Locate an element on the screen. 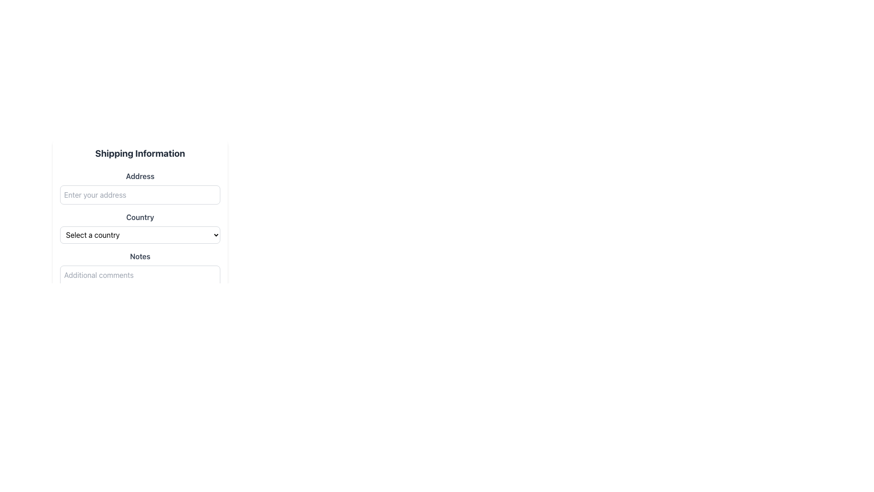 This screenshot has width=874, height=492. the Text label that serves as a context for the input field for 'Additional comments', positioned above it and below the 'Country' dropdown is located at coordinates (139, 256).